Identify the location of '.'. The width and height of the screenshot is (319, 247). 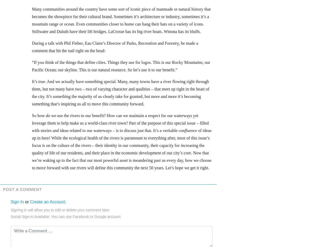
(65, 201).